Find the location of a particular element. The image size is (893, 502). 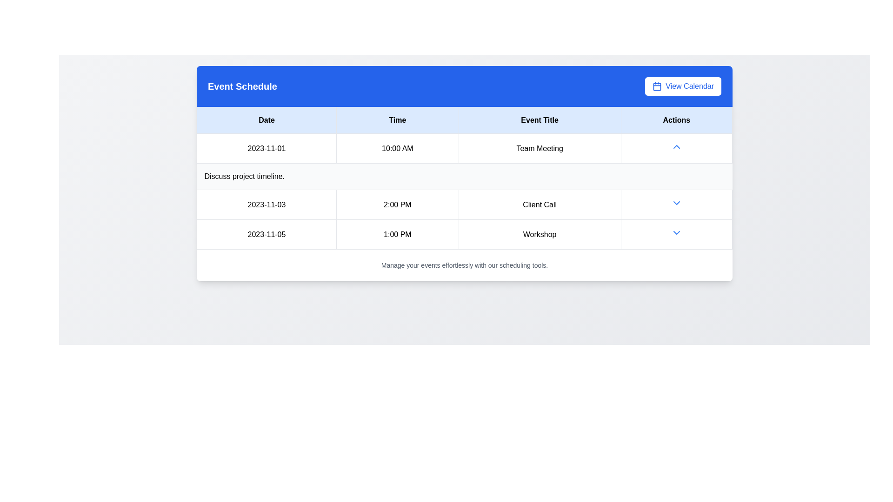

text from the Text Label that contains 'Team Meeting', which is the third element in the 'Event Title' column of the table is located at coordinates (540, 148).